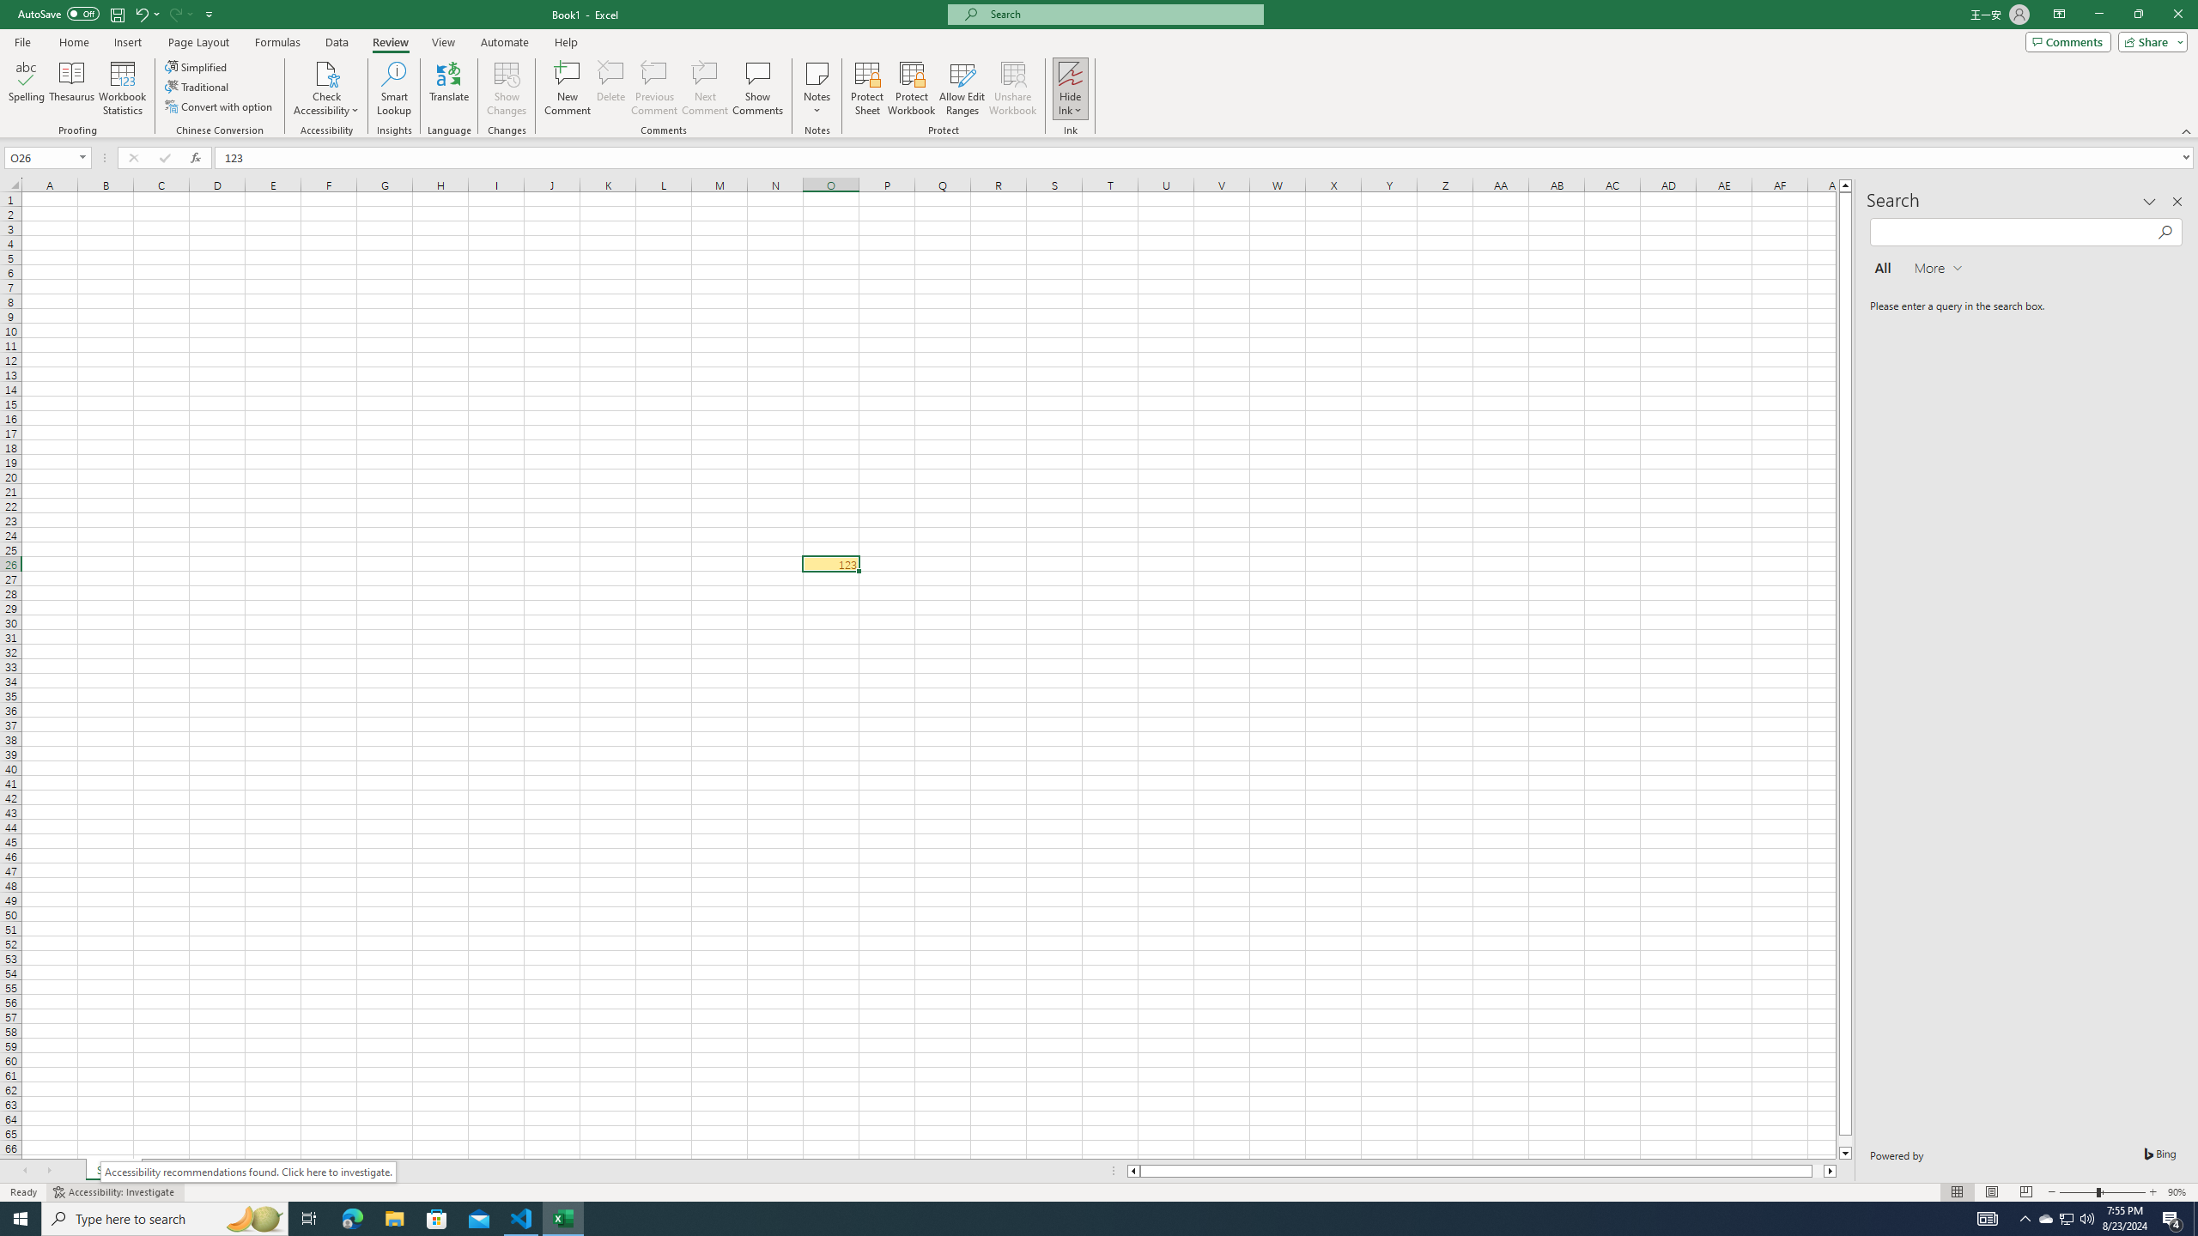 The image size is (2198, 1236). Describe the element at coordinates (197, 66) in the screenshot. I see `'Simplified'` at that location.